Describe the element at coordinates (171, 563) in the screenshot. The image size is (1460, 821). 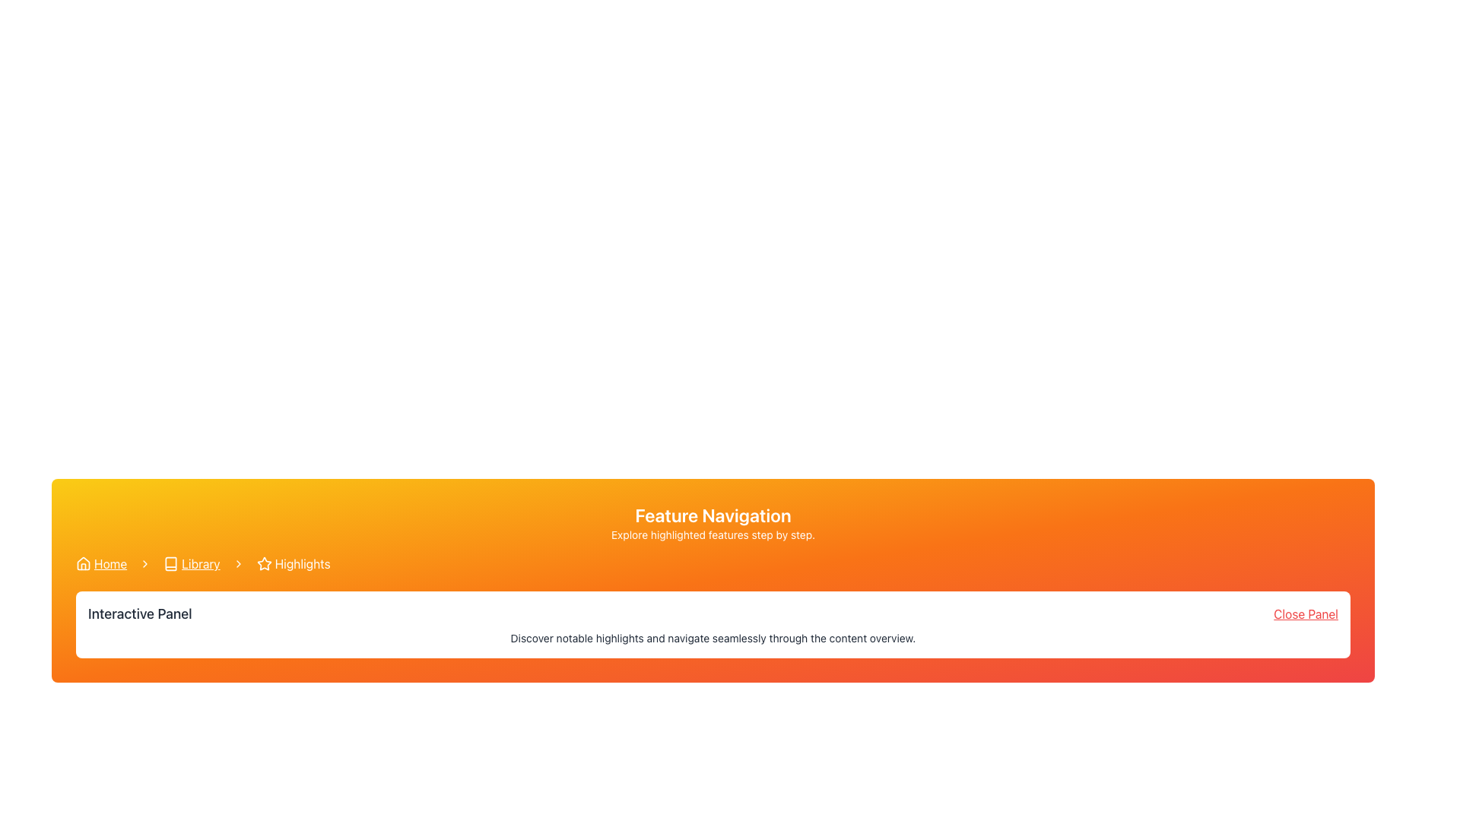
I see `the visual representation of the small, square-shaped line-art book icon located next to the 'Library' label in the breadcrumb navigation bar` at that location.